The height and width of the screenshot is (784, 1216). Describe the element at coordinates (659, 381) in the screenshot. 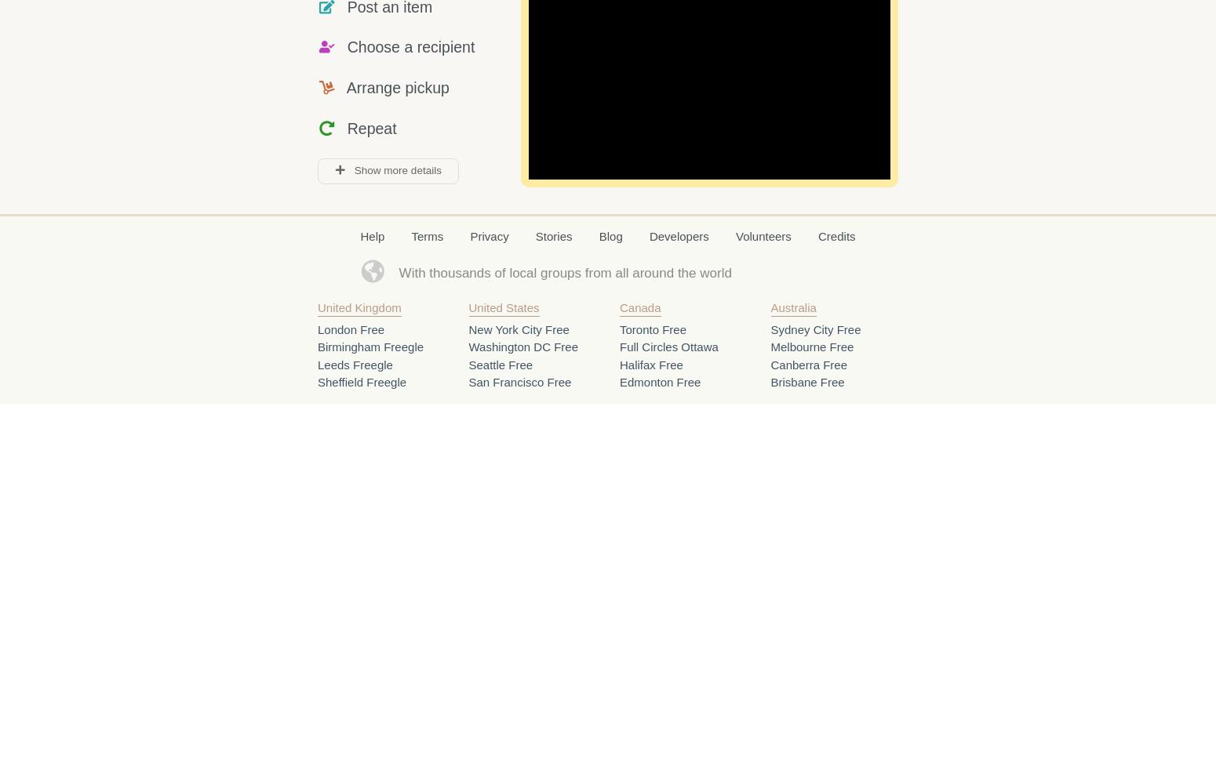

I see `'Edmonton Free'` at that location.